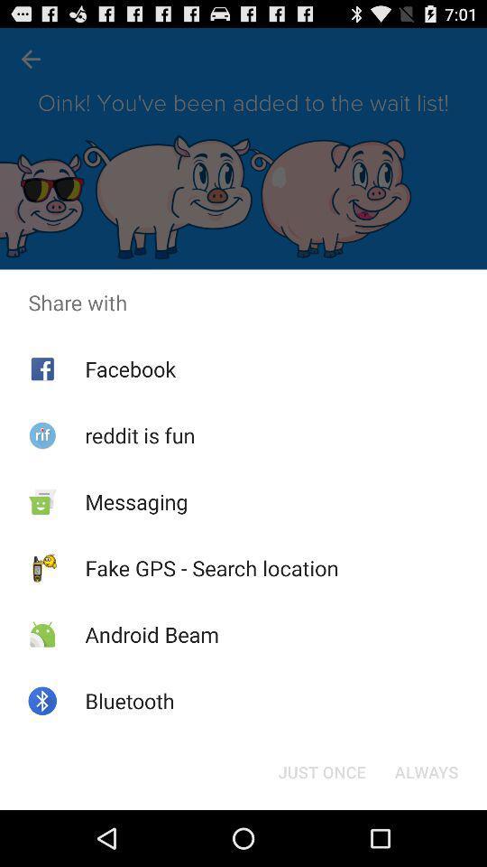  I want to click on fake gps search item, so click(211, 567).